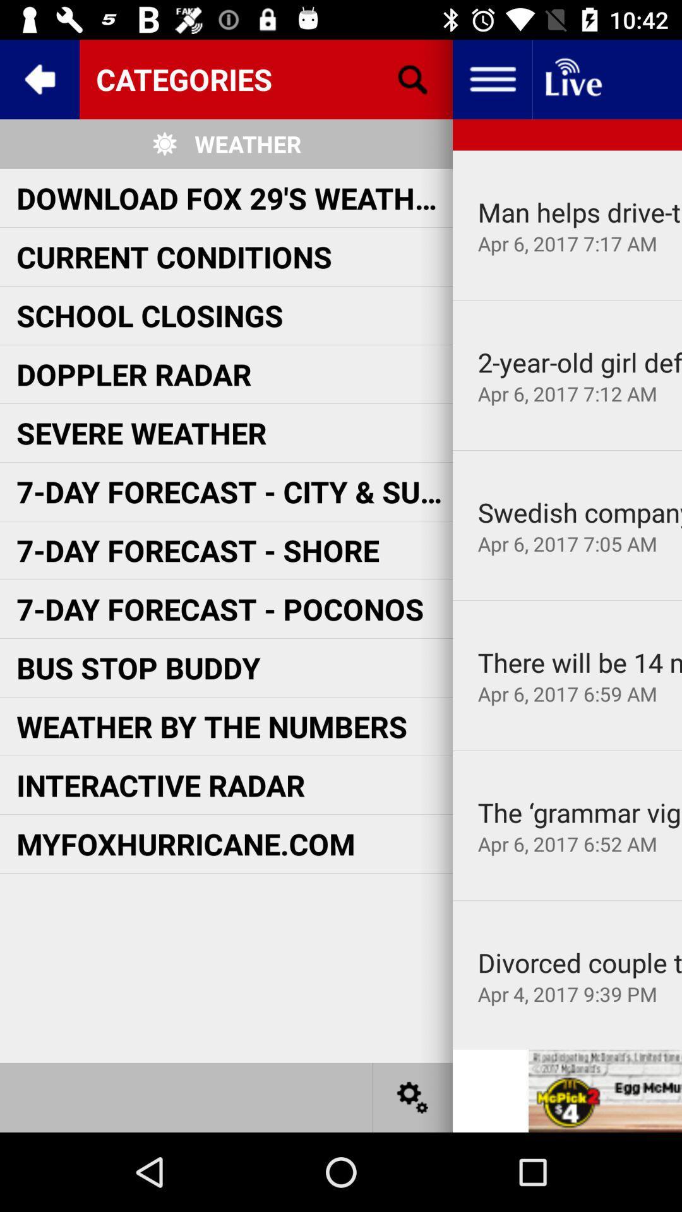 The image size is (682, 1212). I want to click on item above the apr 6 2017 app, so click(580, 212).